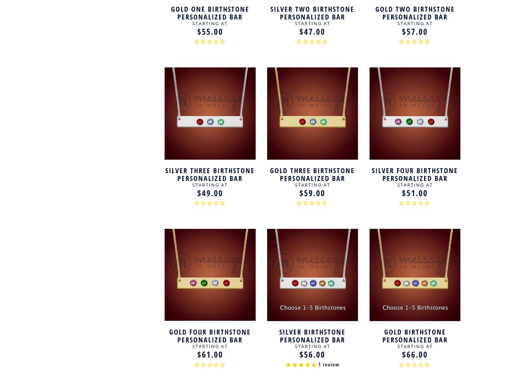  Describe the element at coordinates (312, 354) in the screenshot. I see `'$56.00'` at that location.